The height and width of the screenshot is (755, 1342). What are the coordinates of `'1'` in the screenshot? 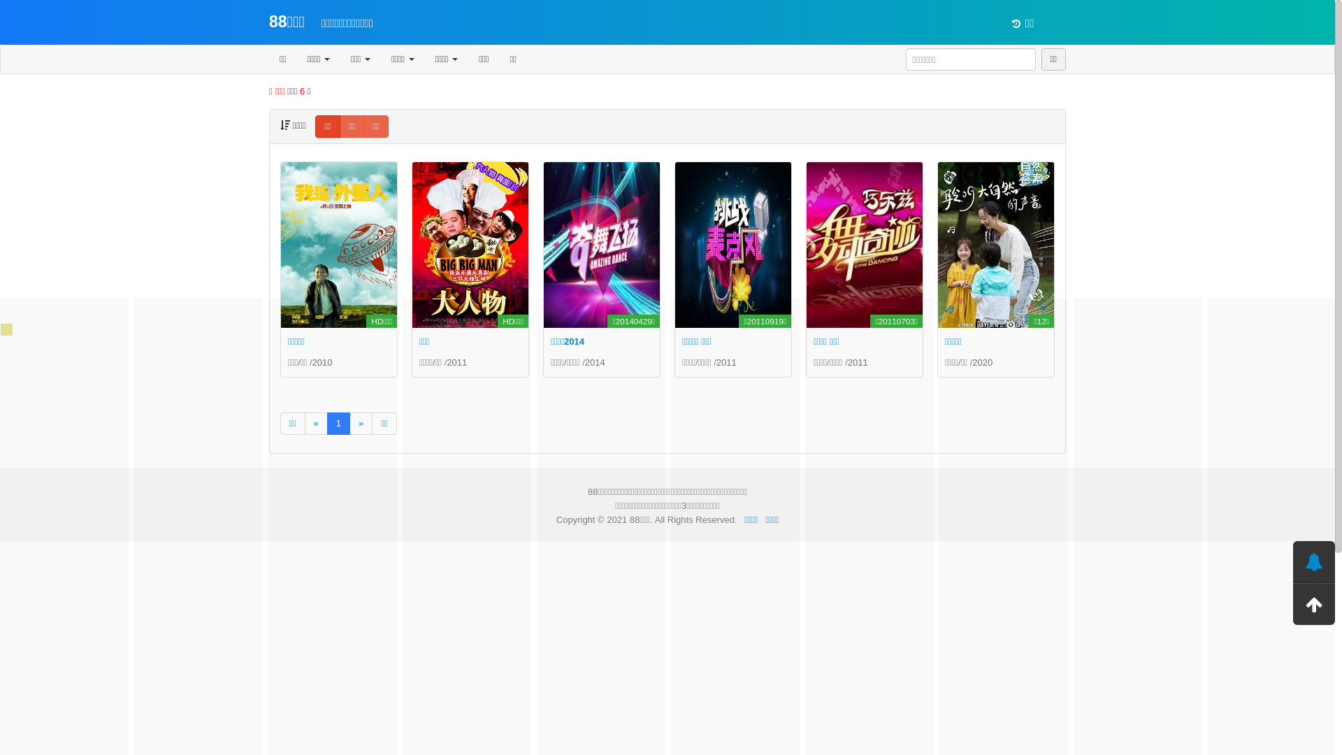 It's located at (338, 422).